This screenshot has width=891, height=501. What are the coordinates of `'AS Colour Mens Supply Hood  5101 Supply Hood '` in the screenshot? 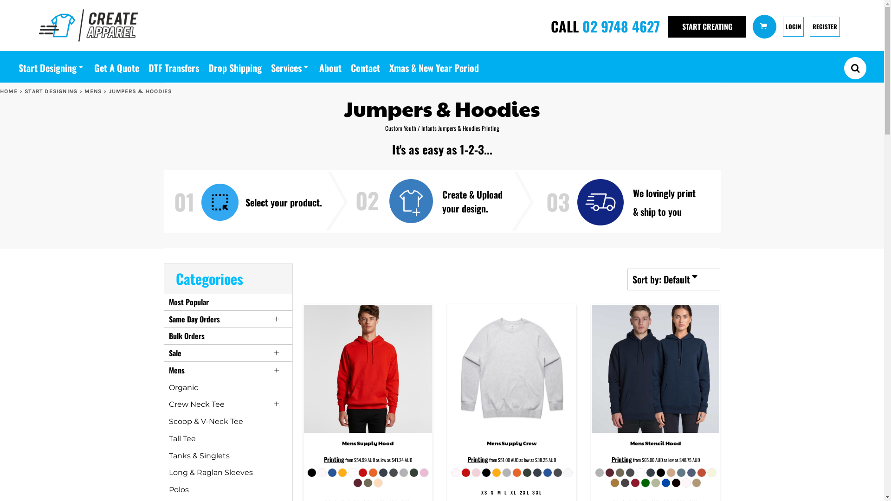 It's located at (367, 368).